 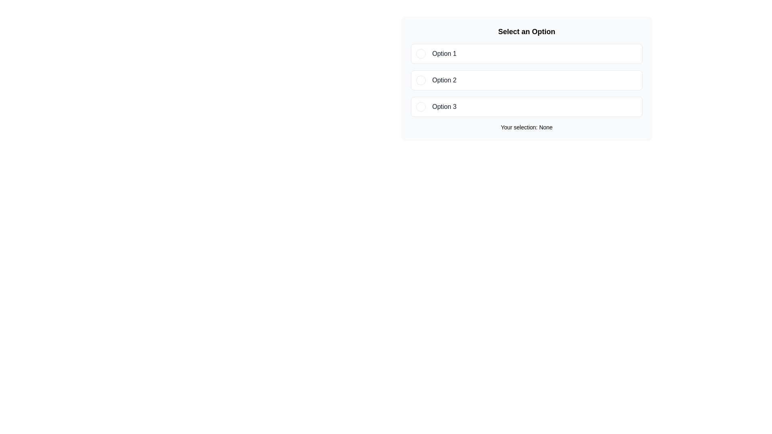 What do you see at coordinates (444, 80) in the screenshot?
I see `text content of the 'Option 2' label, which is displayed in bold black typeface within a bordered rectangle in a vertical list of options` at bounding box center [444, 80].